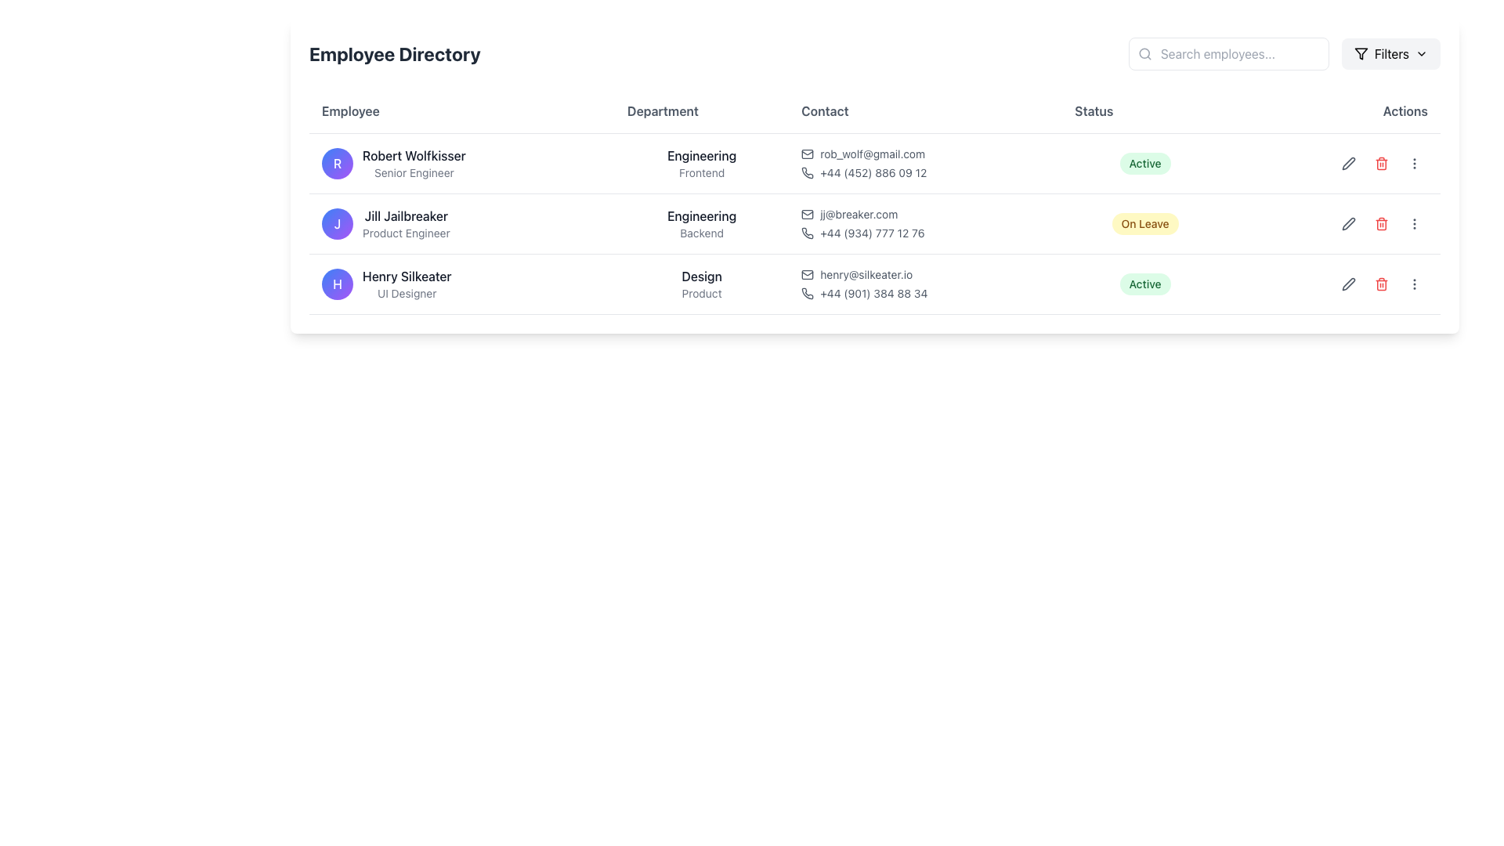 This screenshot has height=846, width=1504. I want to click on the circular Avatar element with a radial gradient color scheme and a bold 'H' centered within it, located next to 'Henry Silkeater', the third item in the 'Employee Directory', so click(337, 284).